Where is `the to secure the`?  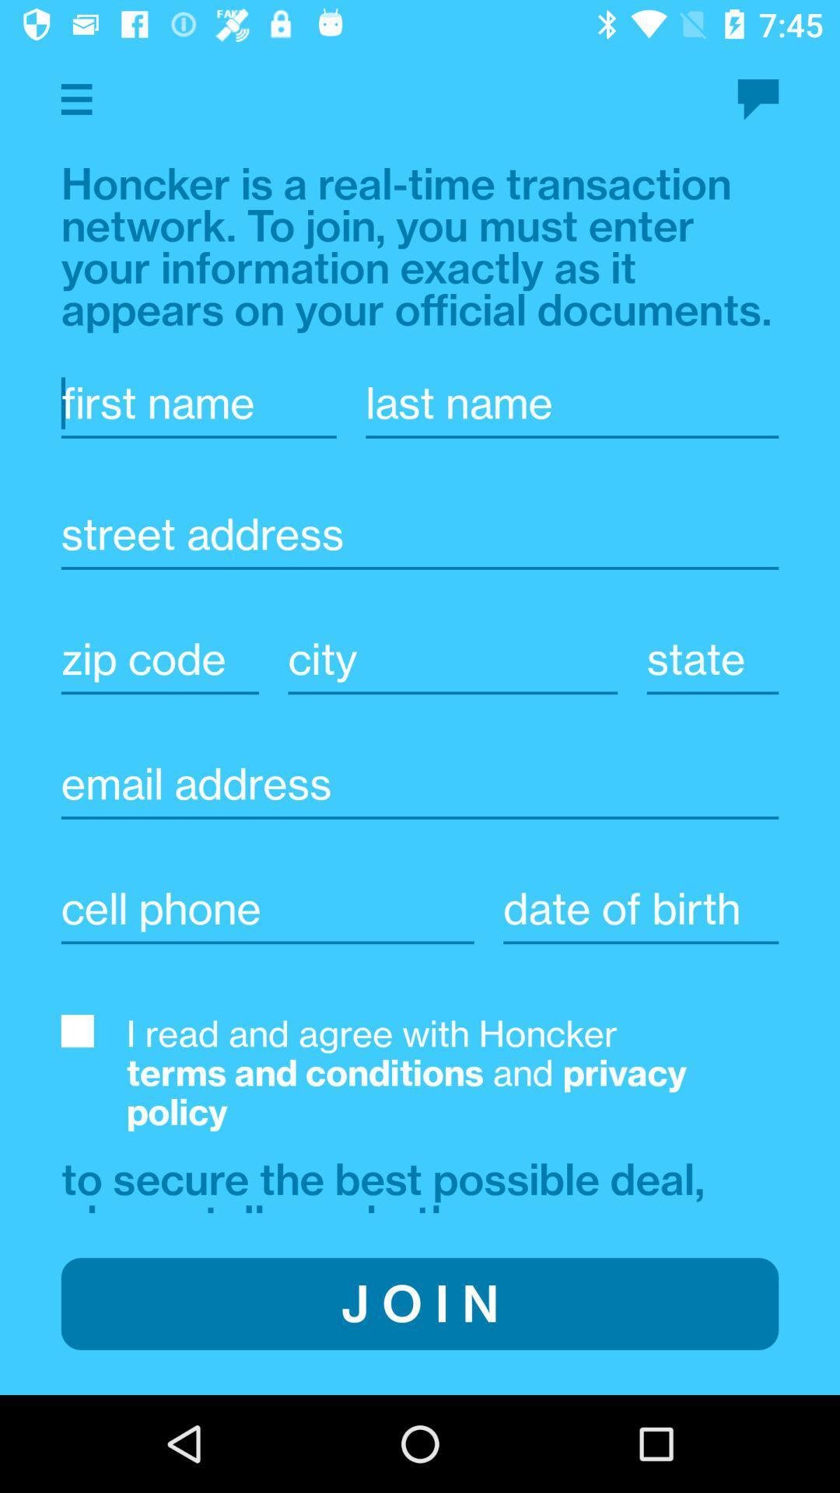
the to secure the is located at coordinates (389, 1182).